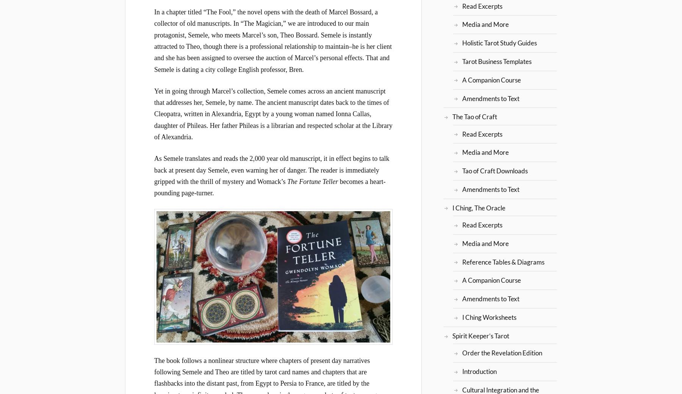  Describe the element at coordinates (461, 261) in the screenshot. I see `'Reference Tables & Diagrams'` at that location.